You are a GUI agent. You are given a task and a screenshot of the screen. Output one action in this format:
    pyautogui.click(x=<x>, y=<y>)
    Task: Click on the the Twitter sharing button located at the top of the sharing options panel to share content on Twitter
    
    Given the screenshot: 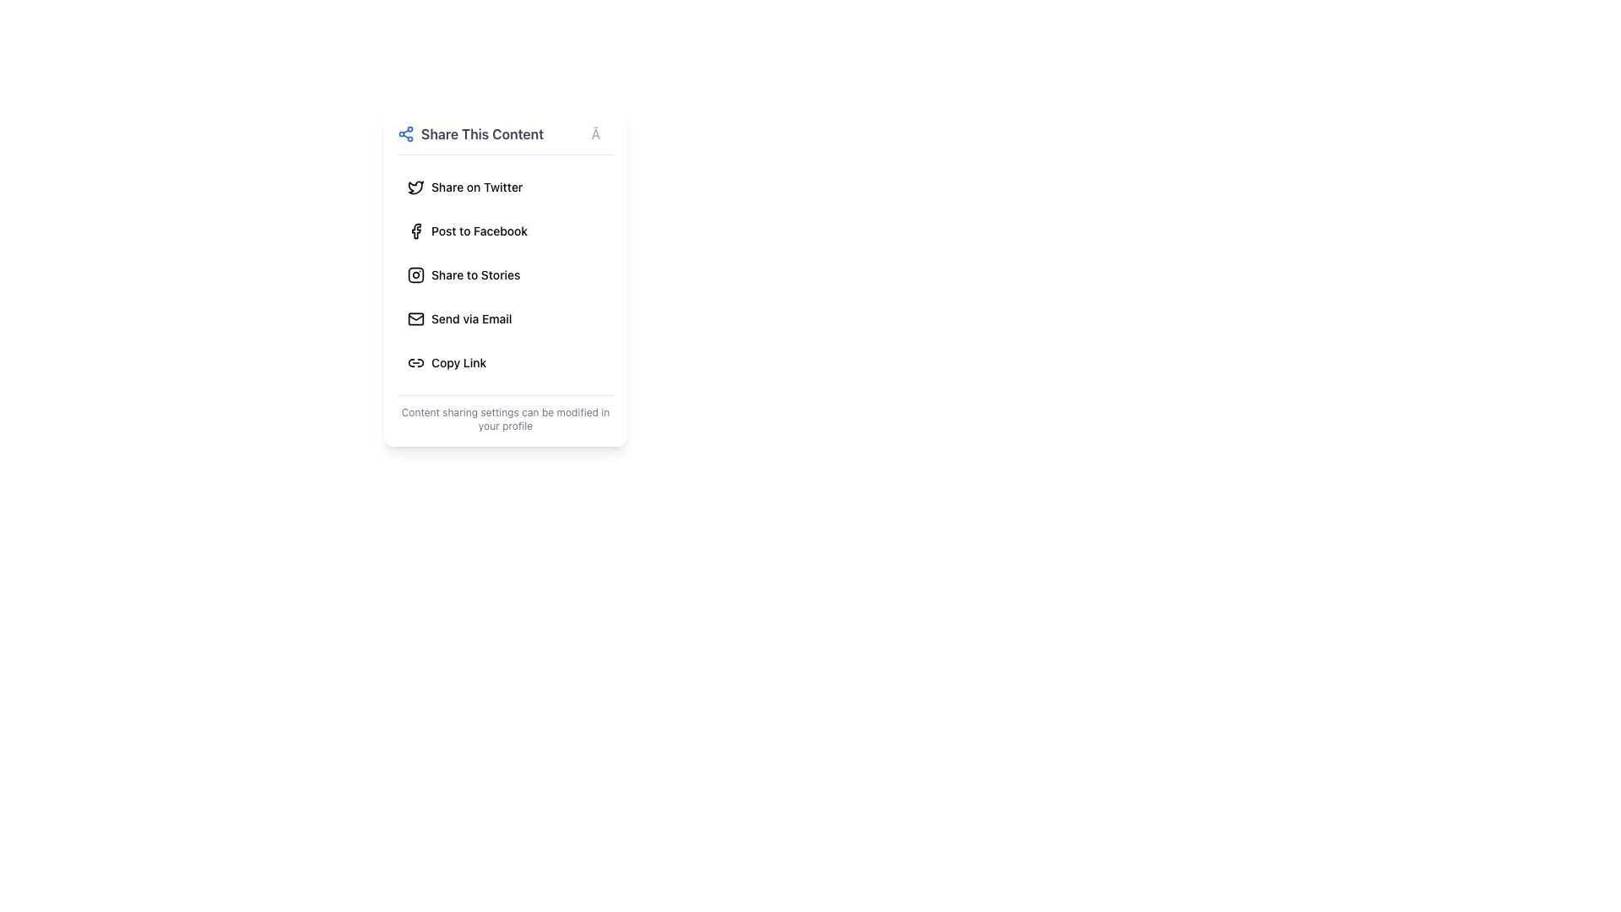 What is the action you would take?
    pyautogui.click(x=505, y=187)
    